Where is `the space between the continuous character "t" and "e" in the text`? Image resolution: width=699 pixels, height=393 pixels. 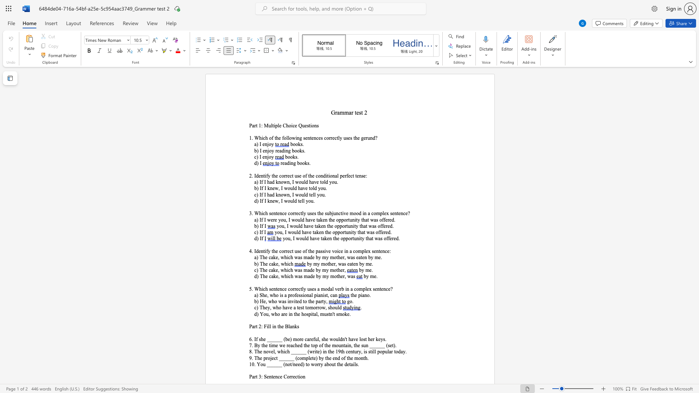
the space between the continuous character "t" and "e" in the text is located at coordinates (299, 307).